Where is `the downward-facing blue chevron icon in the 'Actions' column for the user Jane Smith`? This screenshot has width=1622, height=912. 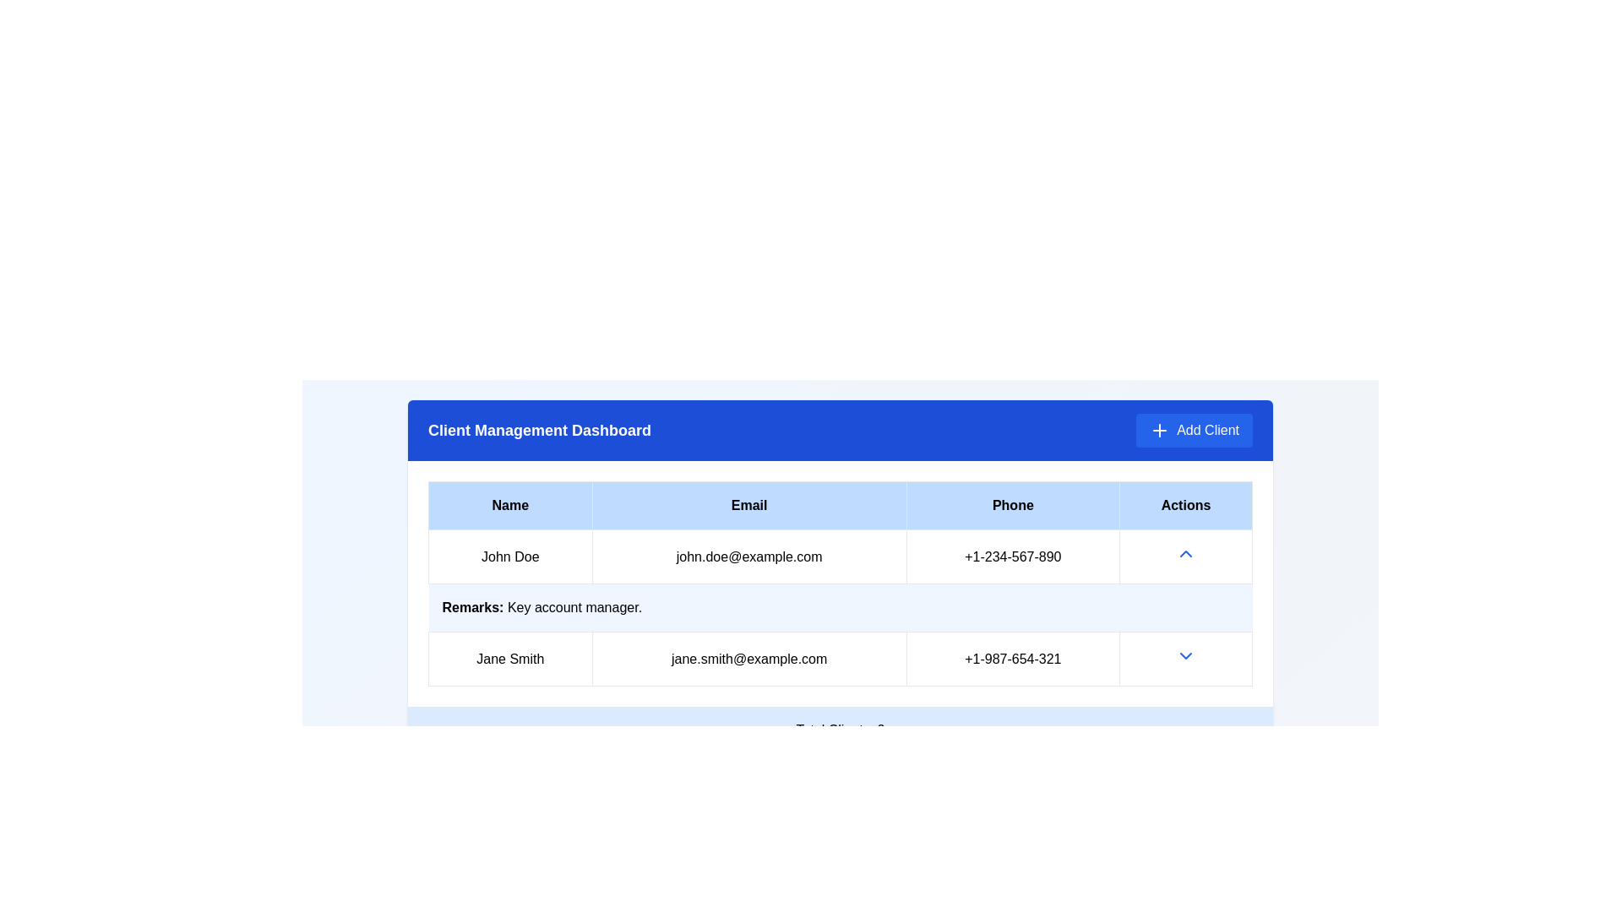 the downward-facing blue chevron icon in the 'Actions' column for the user Jane Smith is located at coordinates (1184, 654).